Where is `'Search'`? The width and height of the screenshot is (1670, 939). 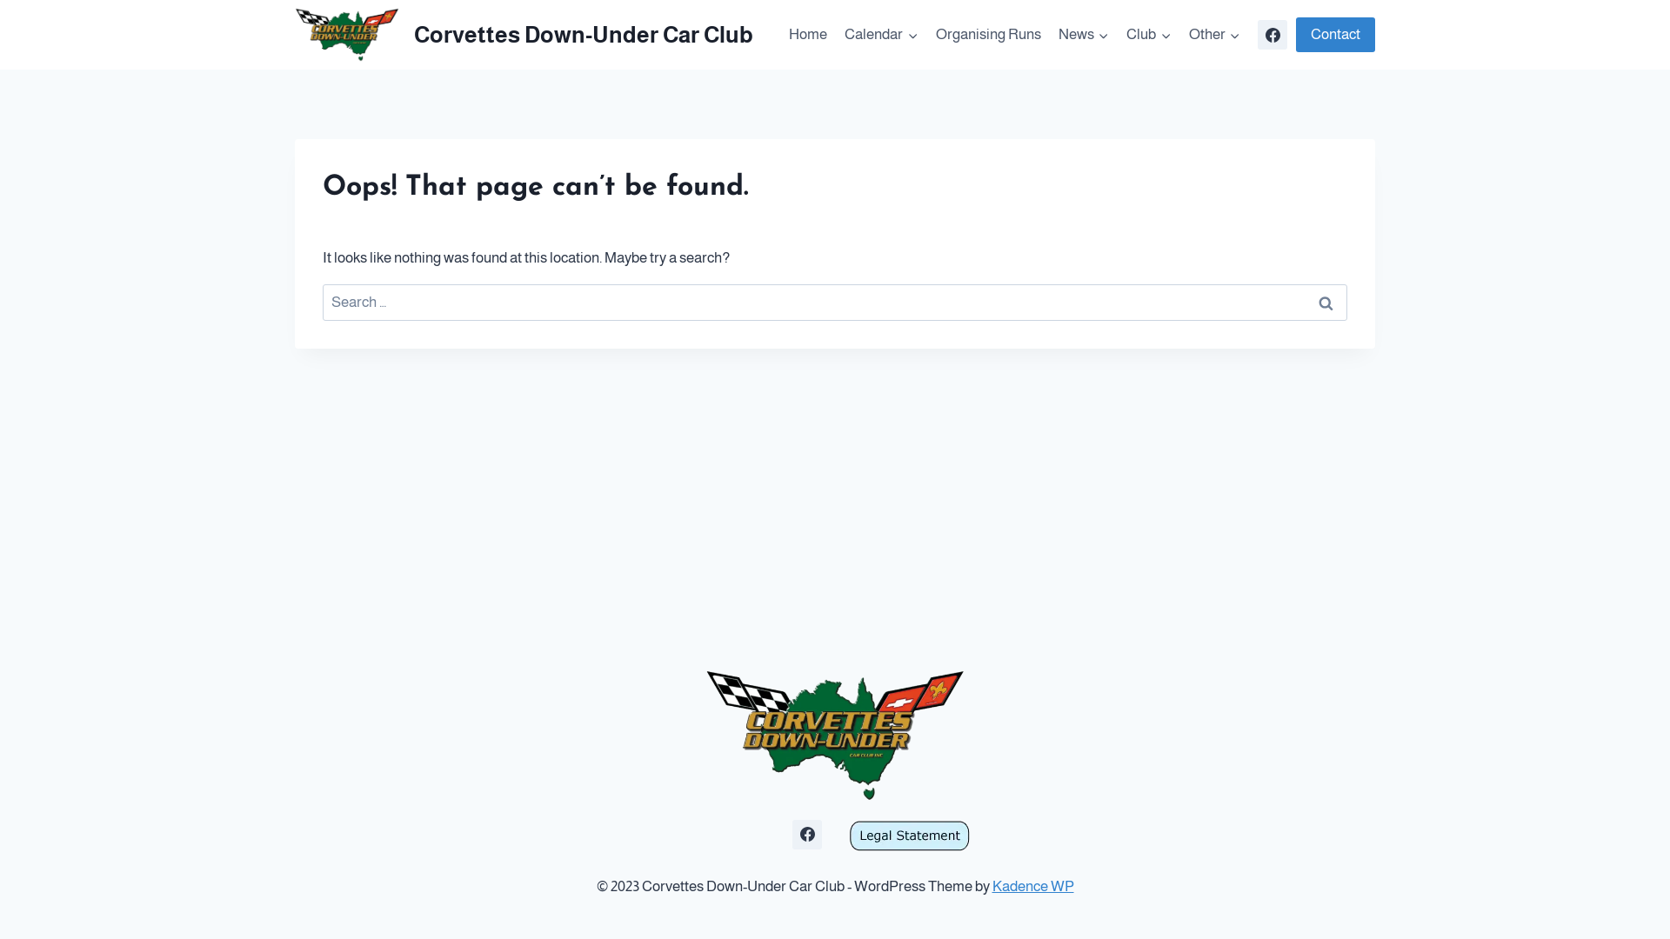
'Search' is located at coordinates (1324, 302).